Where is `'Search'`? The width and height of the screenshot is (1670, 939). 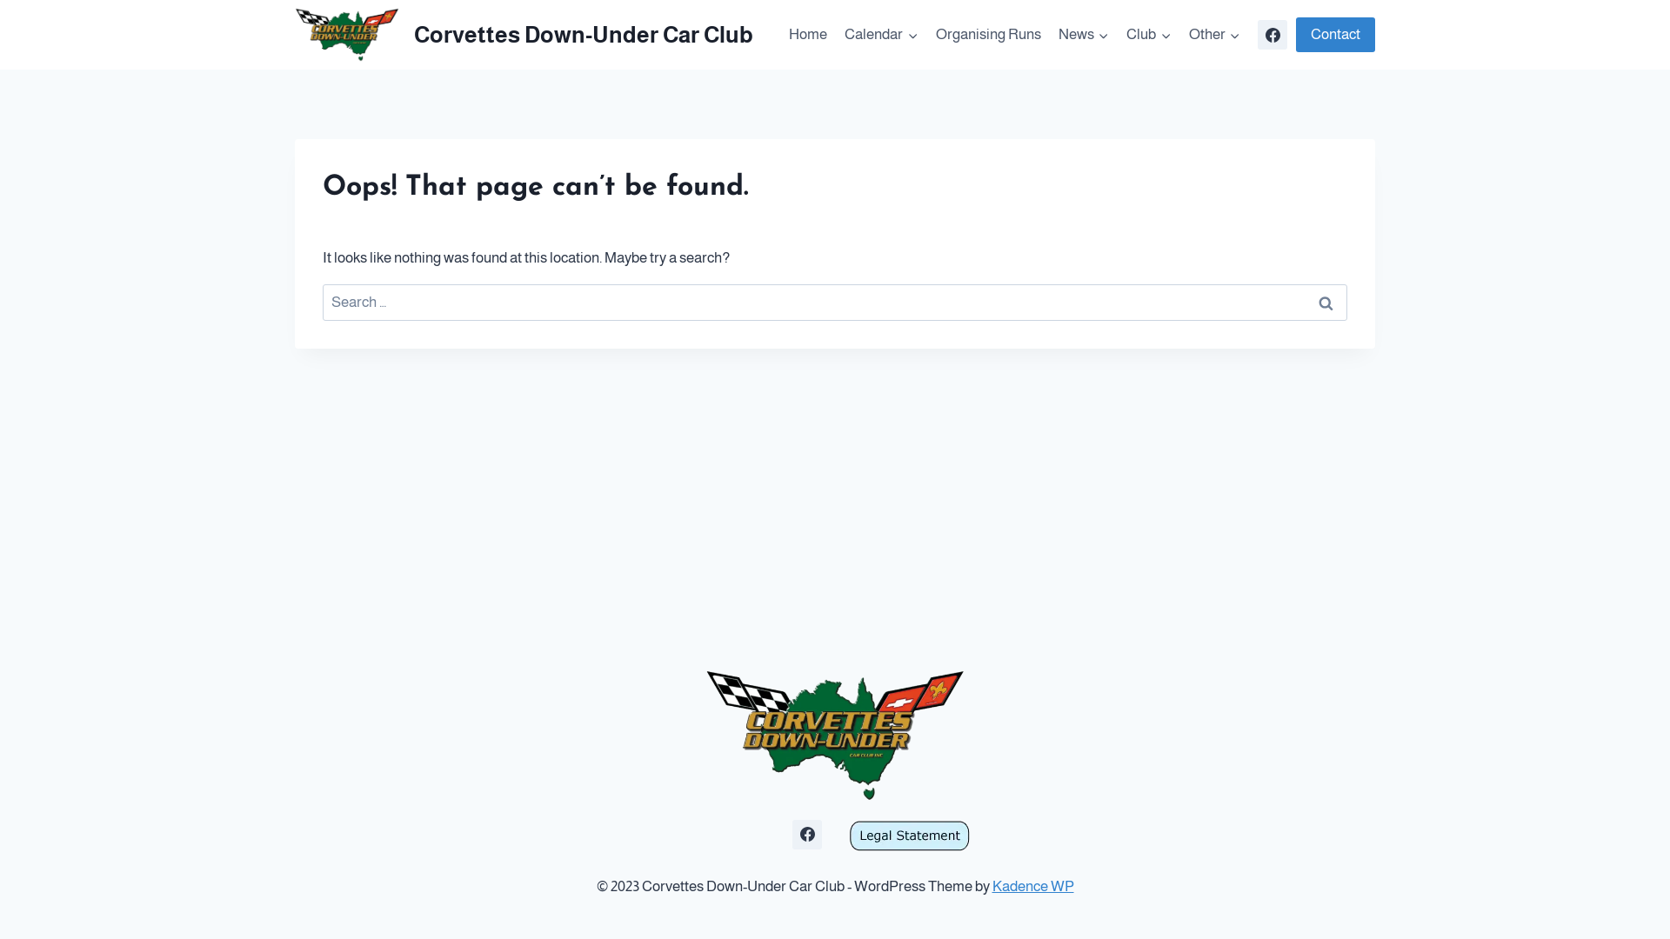
'Search' is located at coordinates (1324, 302).